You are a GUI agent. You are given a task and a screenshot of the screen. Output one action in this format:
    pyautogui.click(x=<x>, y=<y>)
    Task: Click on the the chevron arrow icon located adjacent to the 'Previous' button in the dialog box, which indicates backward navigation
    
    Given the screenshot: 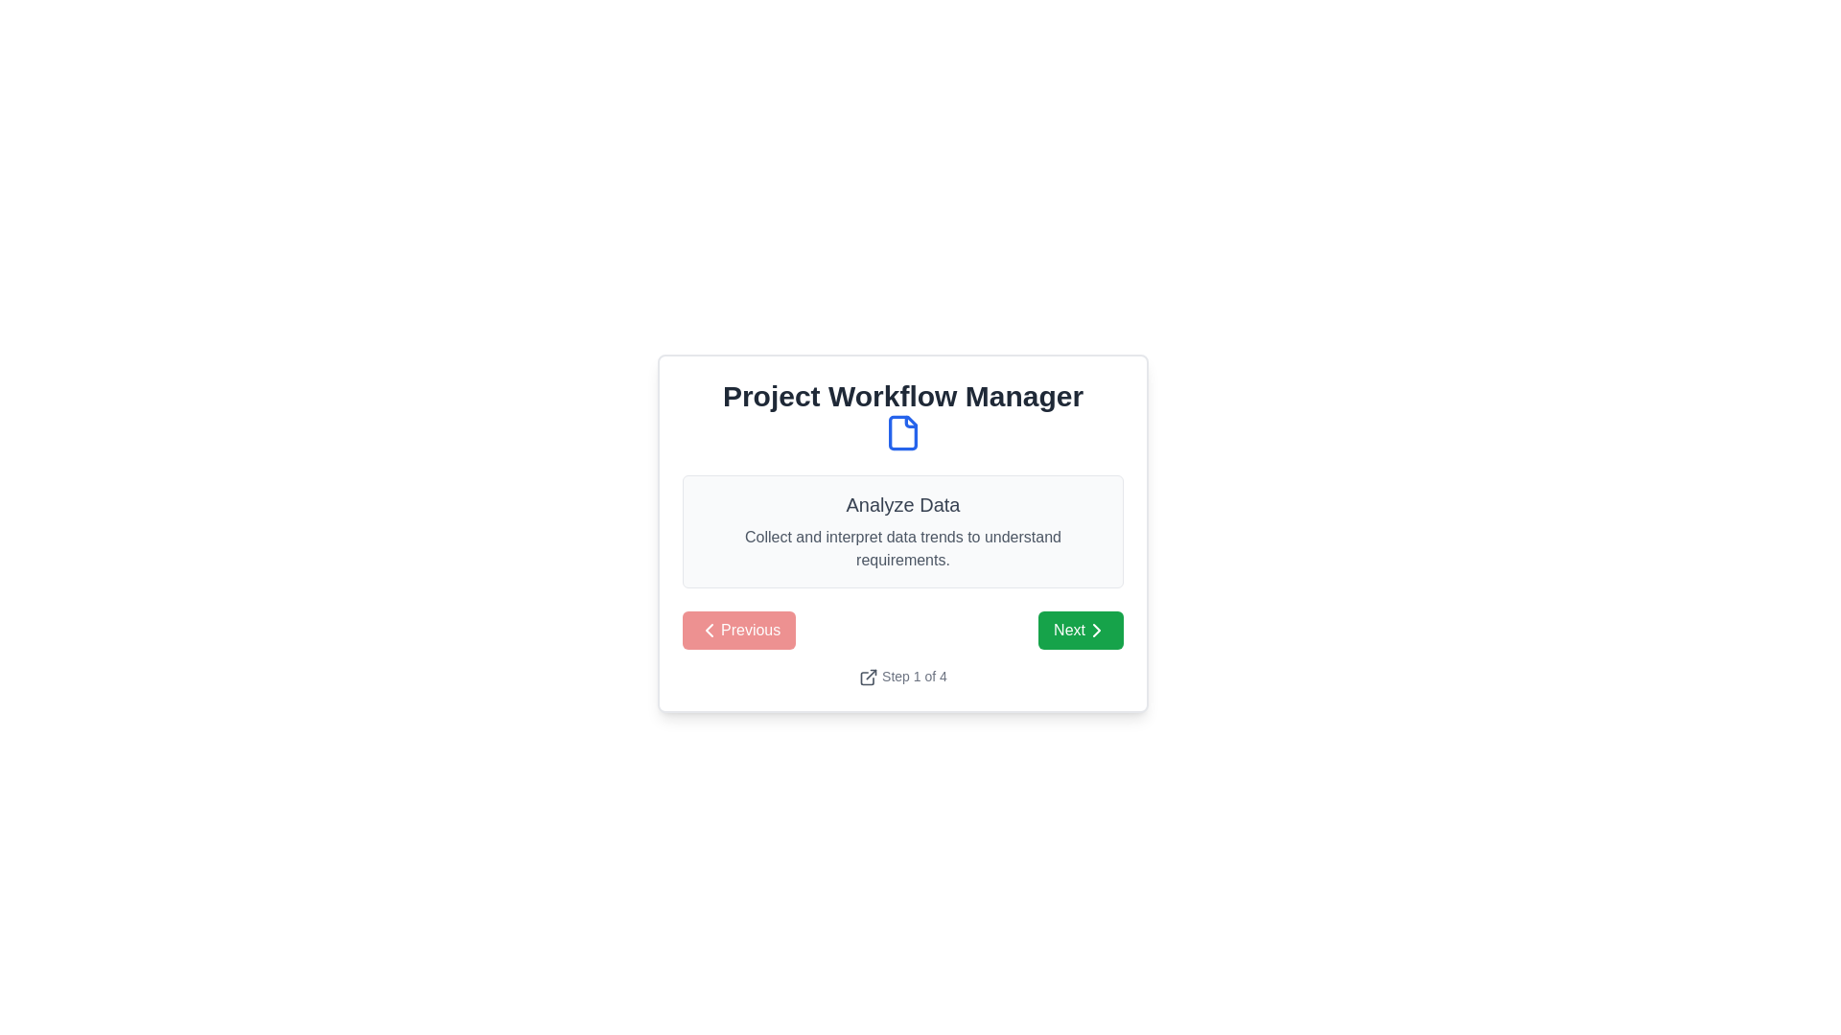 What is the action you would take?
    pyautogui.click(x=708, y=631)
    